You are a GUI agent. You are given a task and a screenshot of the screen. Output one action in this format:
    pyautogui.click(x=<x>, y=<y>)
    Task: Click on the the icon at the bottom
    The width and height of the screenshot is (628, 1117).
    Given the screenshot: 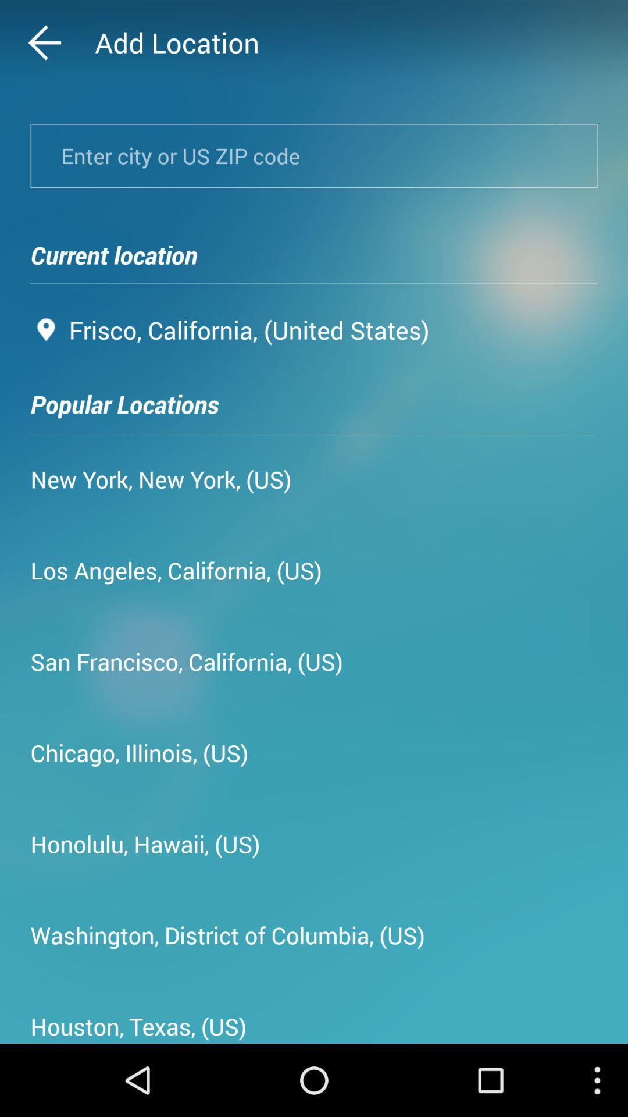 What is the action you would take?
    pyautogui.click(x=227, y=935)
    